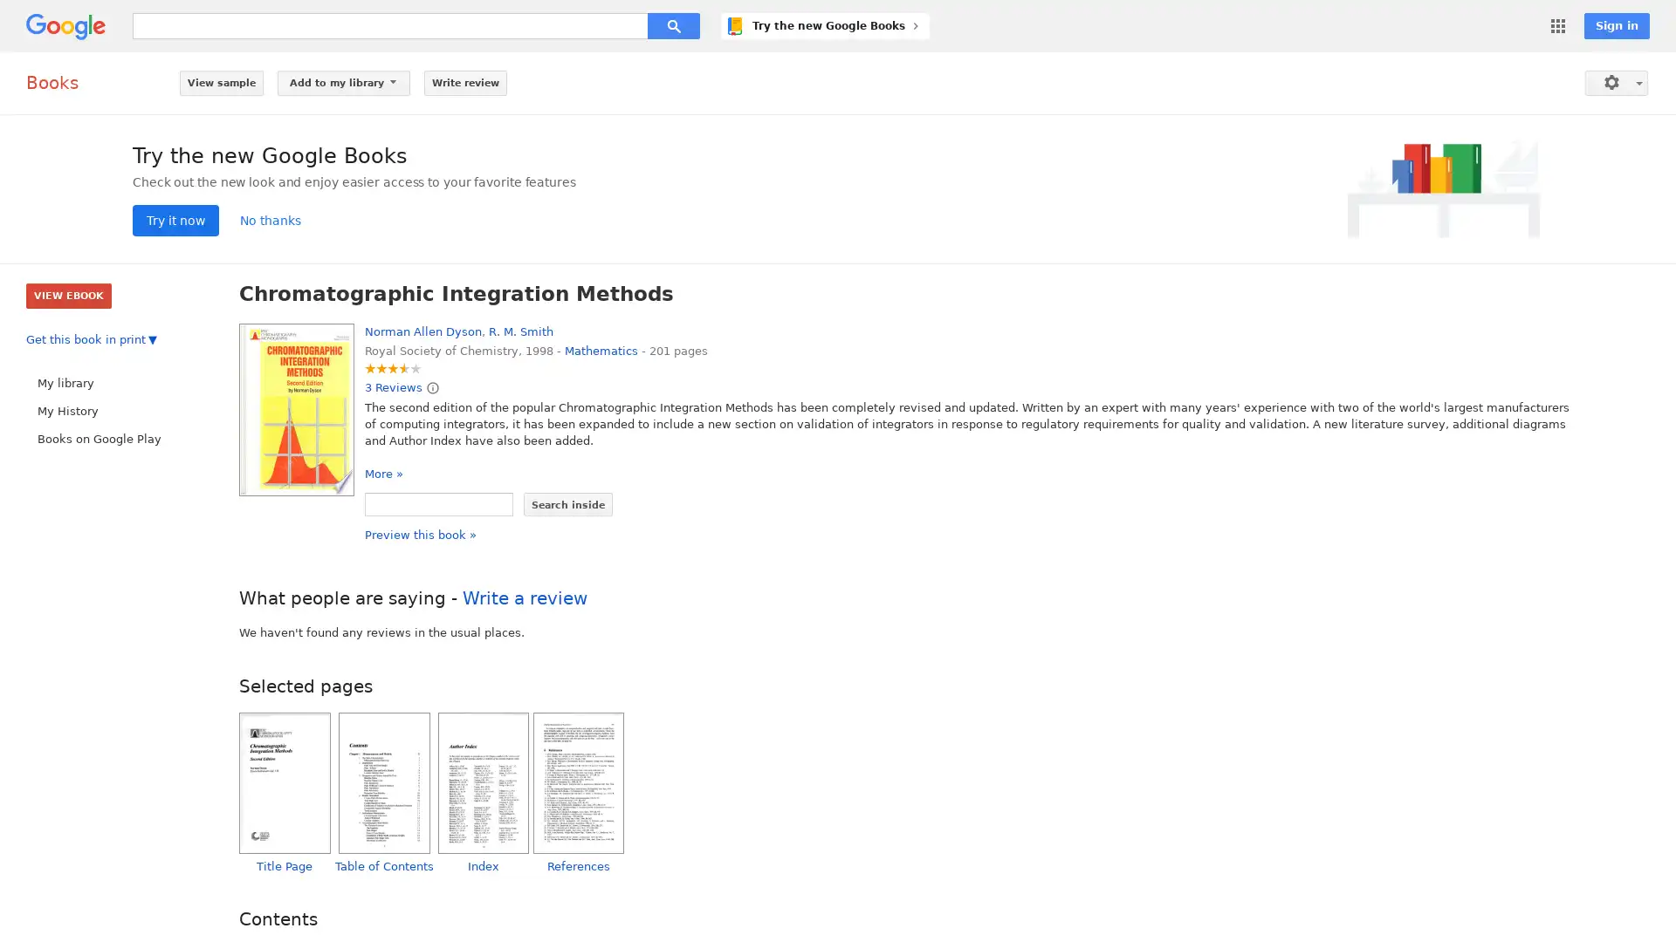 This screenshot has height=942, width=1676. What do you see at coordinates (568, 503) in the screenshot?
I see `Search inside` at bounding box center [568, 503].